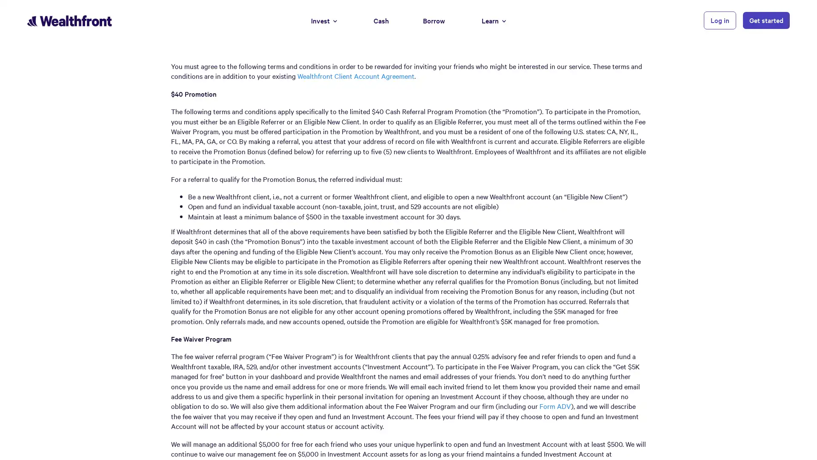 Image resolution: width=817 pixels, height=460 pixels. What do you see at coordinates (323, 20) in the screenshot?
I see `Invest` at bounding box center [323, 20].